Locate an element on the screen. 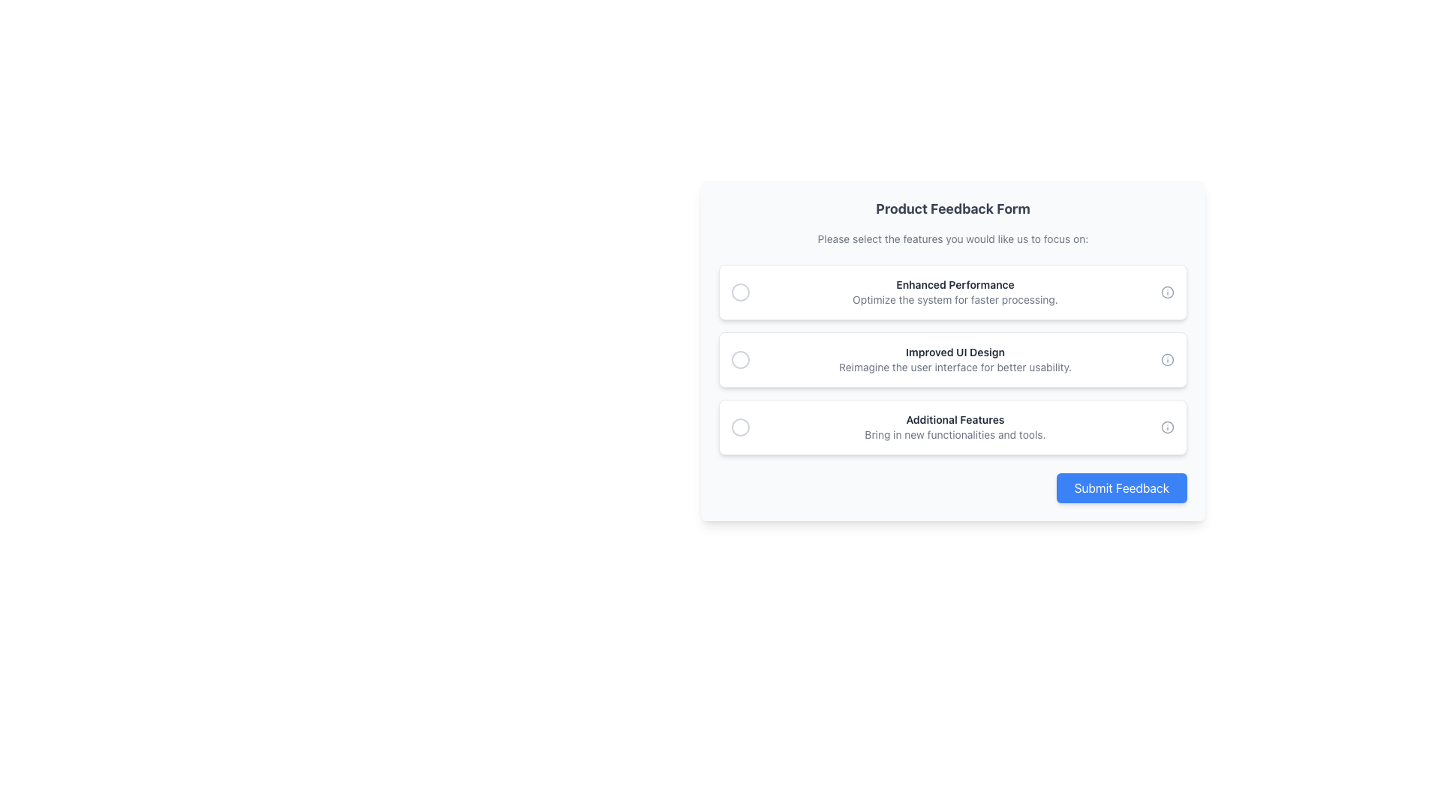  the text label reading 'Enhanced Performance' which is styled in bold, dark-gray color and is located at the top of a card in the 'Product Feedback Form' section is located at coordinates (954, 285).